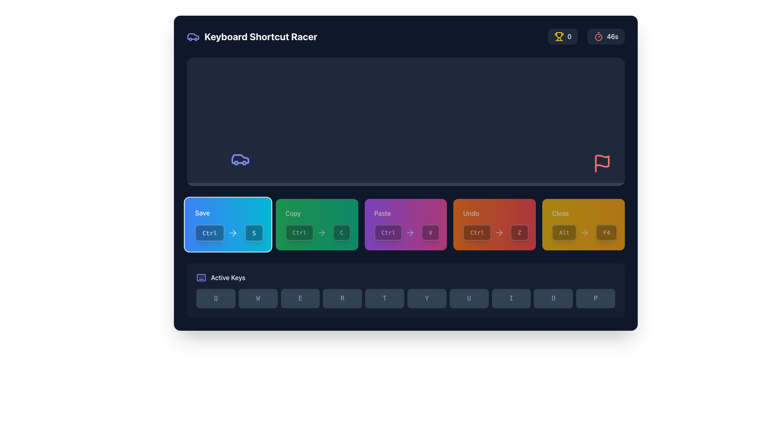 This screenshot has height=434, width=773. What do you see at coordinates (585, 232) in the screenshot?
I see `the arrow icon pointing to the right within the 'Close' button panel, located between the 'Alt' label and the 'F4' key` at bounding box center [585, 232].